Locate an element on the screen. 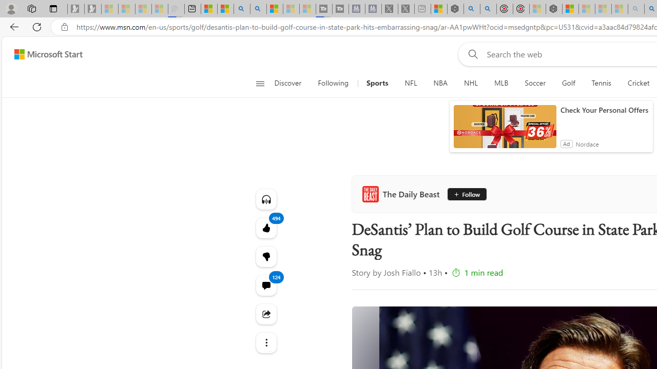  'Soccer' is located at coordinates (534, 83).